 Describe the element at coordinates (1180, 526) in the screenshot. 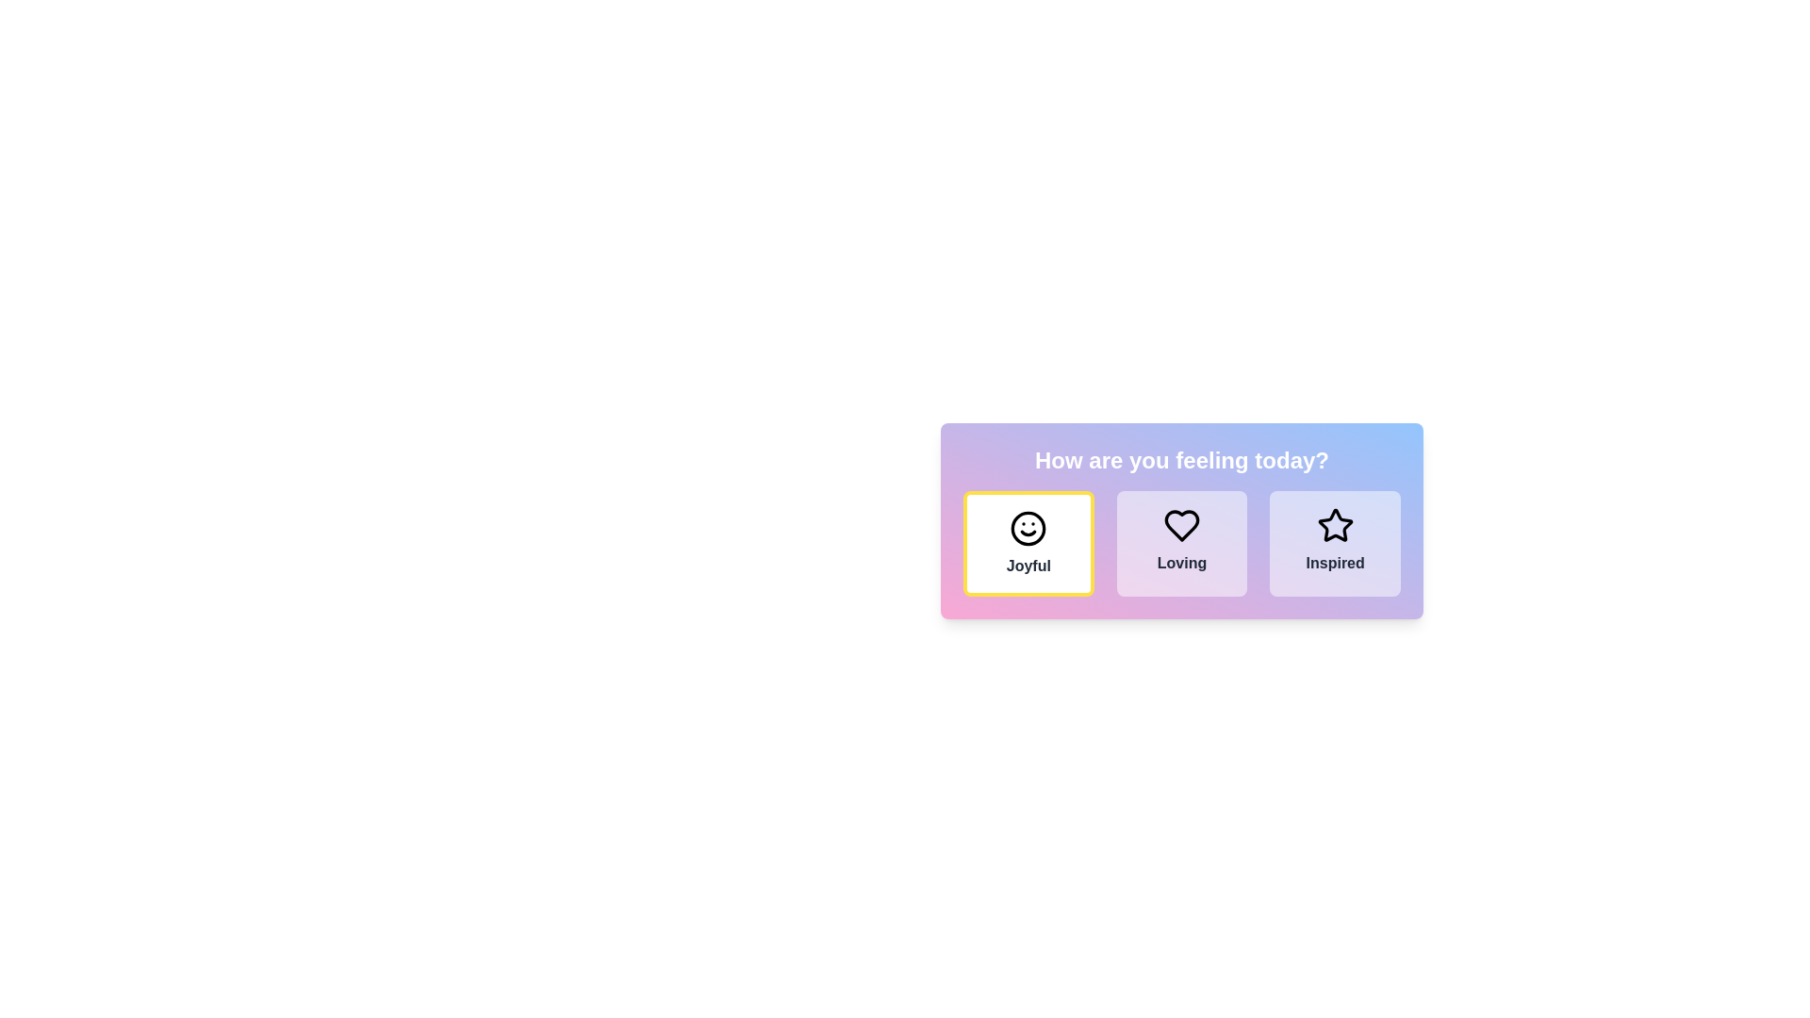

I see `the heart icon, which is styled with a bold outline and hollow interior, located within the 'Loving' button in the row of buttons under the header 'How are you feeling today?'` at that location.